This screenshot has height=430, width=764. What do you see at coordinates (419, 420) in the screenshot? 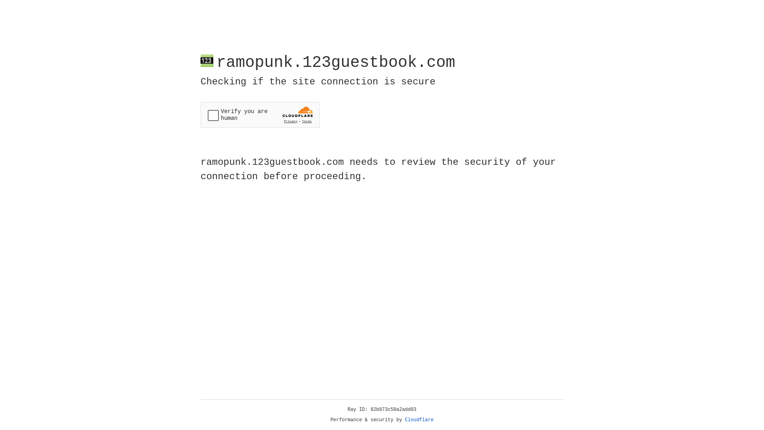
I see `'Cloudflare'` at bounding box center [419, 420].